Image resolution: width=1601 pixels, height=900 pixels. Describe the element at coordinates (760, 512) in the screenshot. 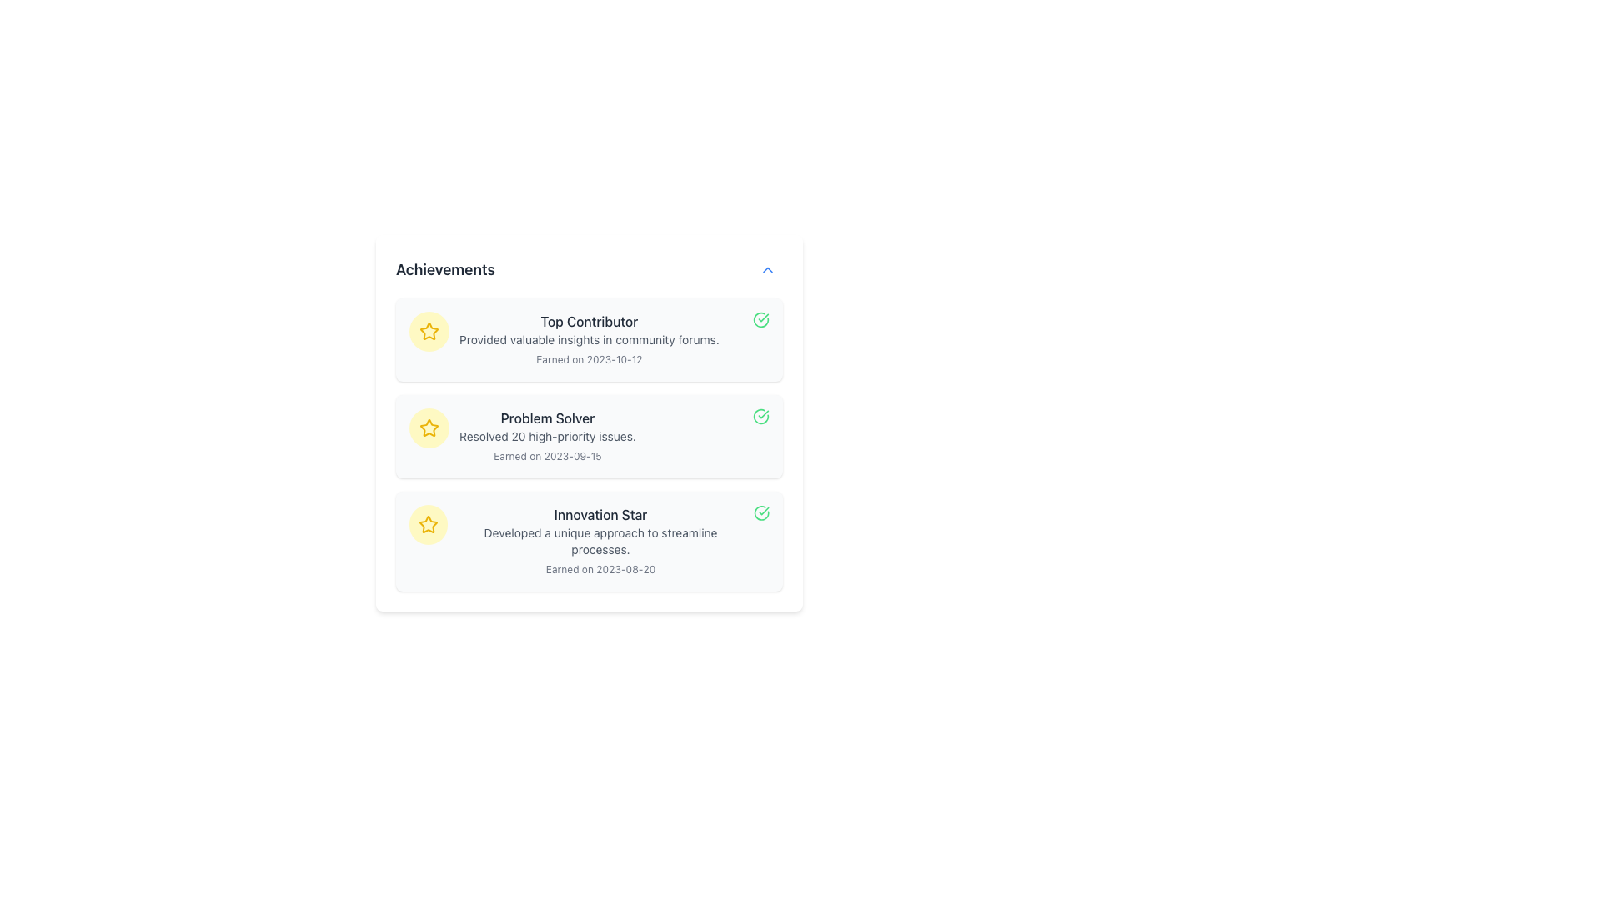

I see `the status indicated by the 'Innovation Star' icon located in the bottom-most list item under the 'Achievements' section, aligned to the far right, adjacent to the earning date text` at that location.